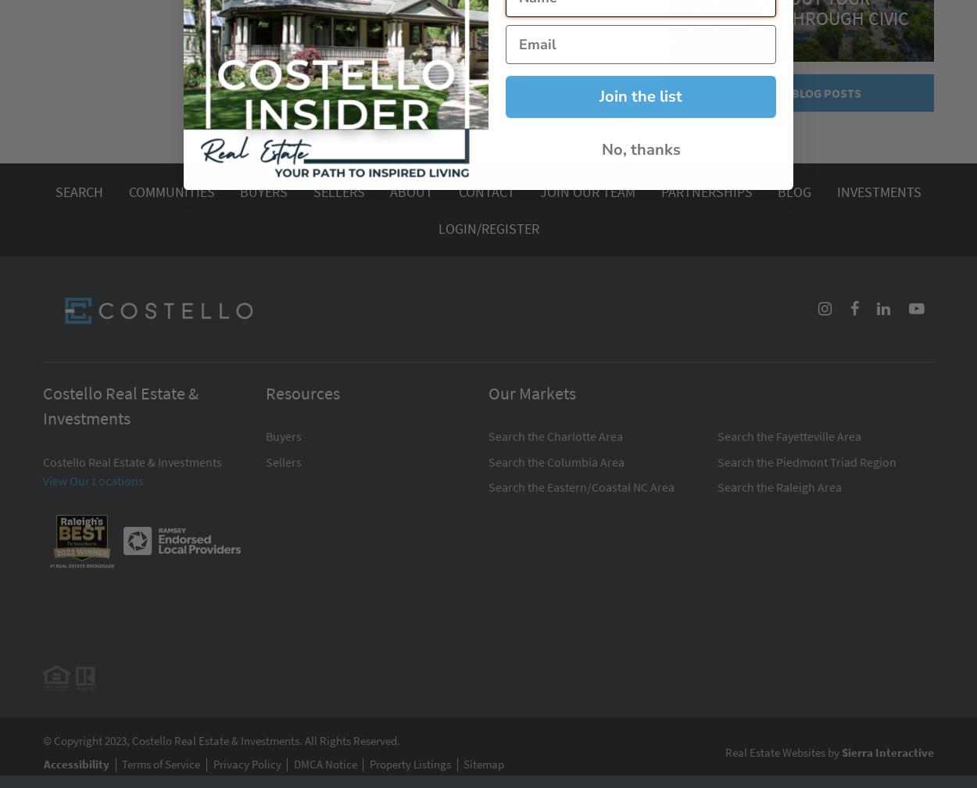 Image resolution: width=977 pixels, height=788 pixels. What do you see at coordinates (778, 487) in the screenshot?
I see `'Search the Raleigh Area'` at bounding box center [778, 487].